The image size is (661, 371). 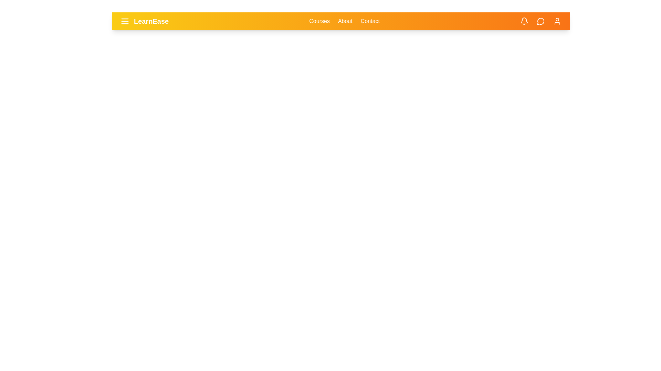 I want to click on the message icon to open messages, so click(x=540, y=21).